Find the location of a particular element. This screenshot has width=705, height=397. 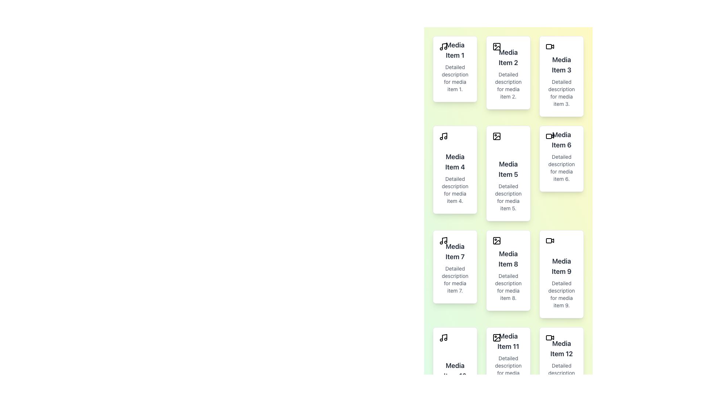

the black music icon located at the top-left corner of the 'Media Item 10' card is located at coordinates (443, 337).